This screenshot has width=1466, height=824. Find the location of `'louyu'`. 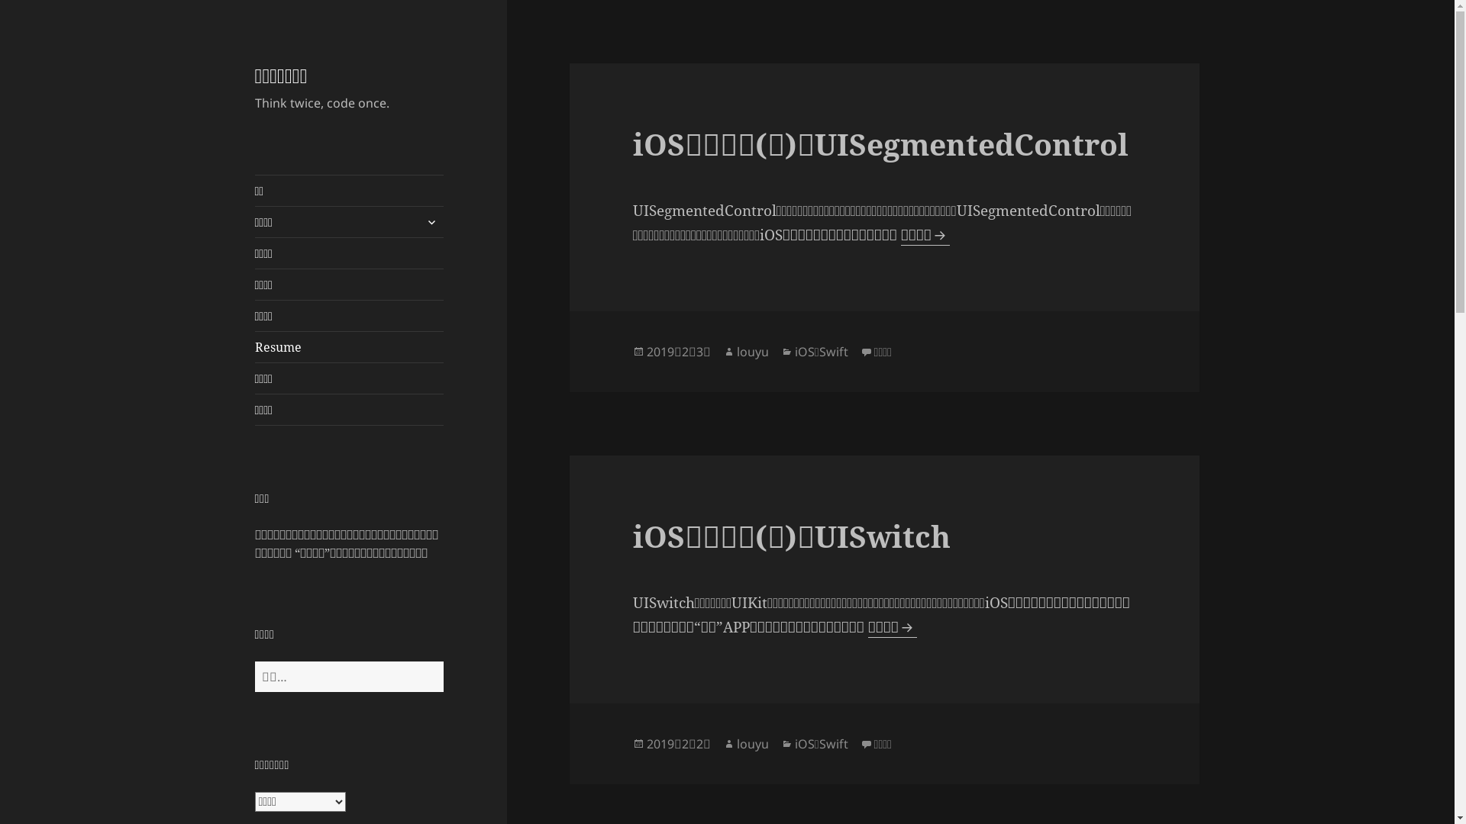

'louyu' is located at coordinates (752, 352).